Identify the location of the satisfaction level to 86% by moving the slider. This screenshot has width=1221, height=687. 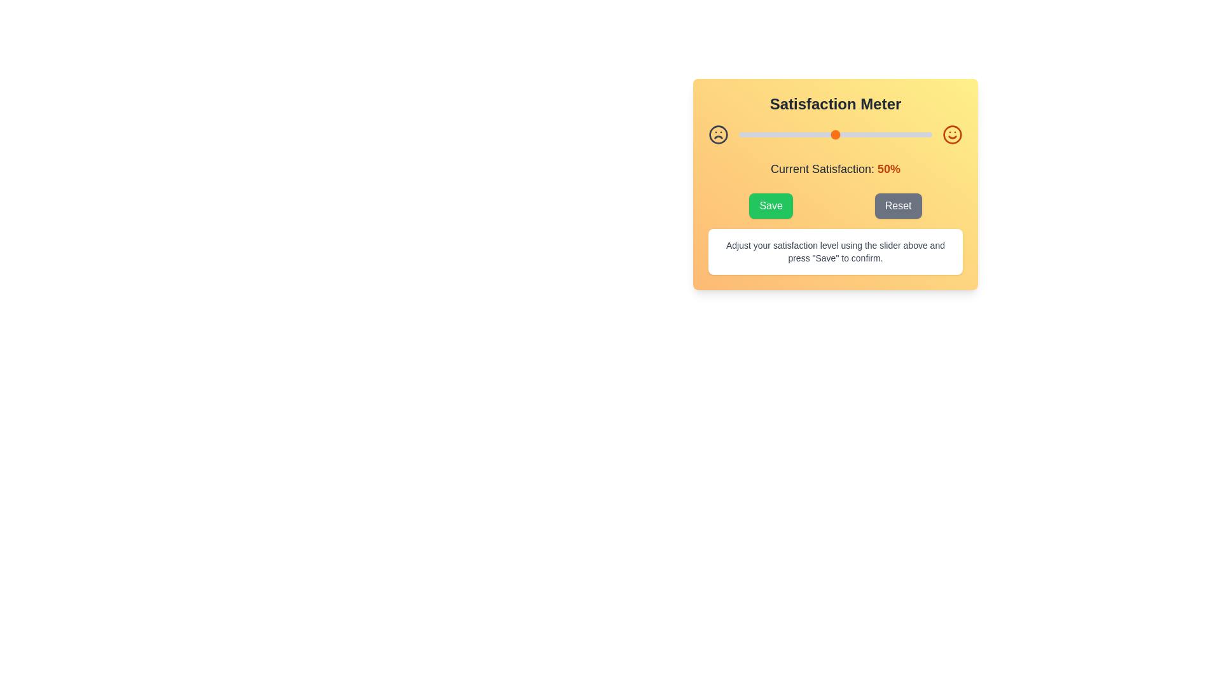
(904, 135).